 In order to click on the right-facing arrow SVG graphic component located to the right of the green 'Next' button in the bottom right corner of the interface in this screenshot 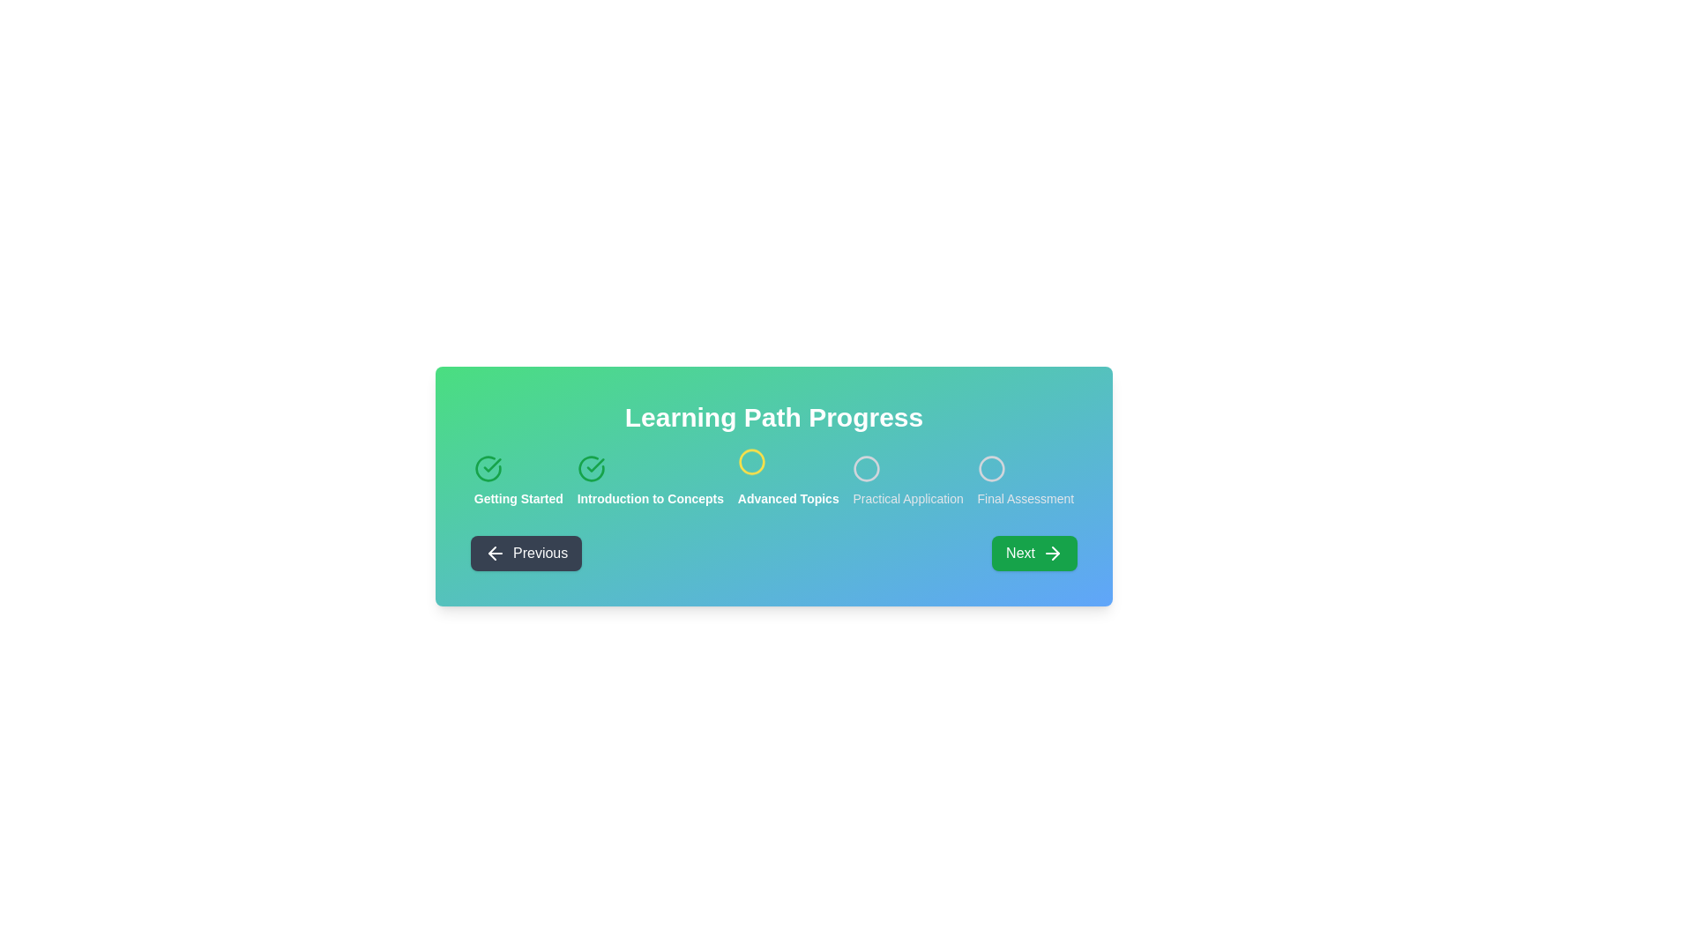, I will do `click(1055, 553)`.